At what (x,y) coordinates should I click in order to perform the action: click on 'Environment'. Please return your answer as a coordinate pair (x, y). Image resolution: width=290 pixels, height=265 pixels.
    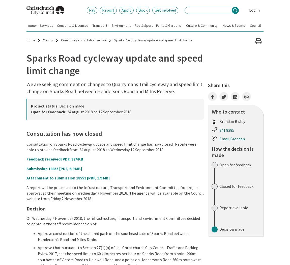
    Looking at the image, I should click on (111, 25).